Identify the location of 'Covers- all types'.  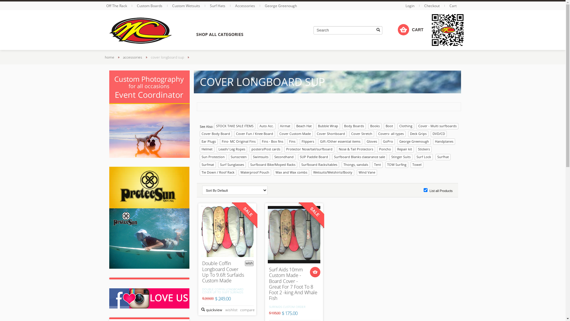
(376, 134).